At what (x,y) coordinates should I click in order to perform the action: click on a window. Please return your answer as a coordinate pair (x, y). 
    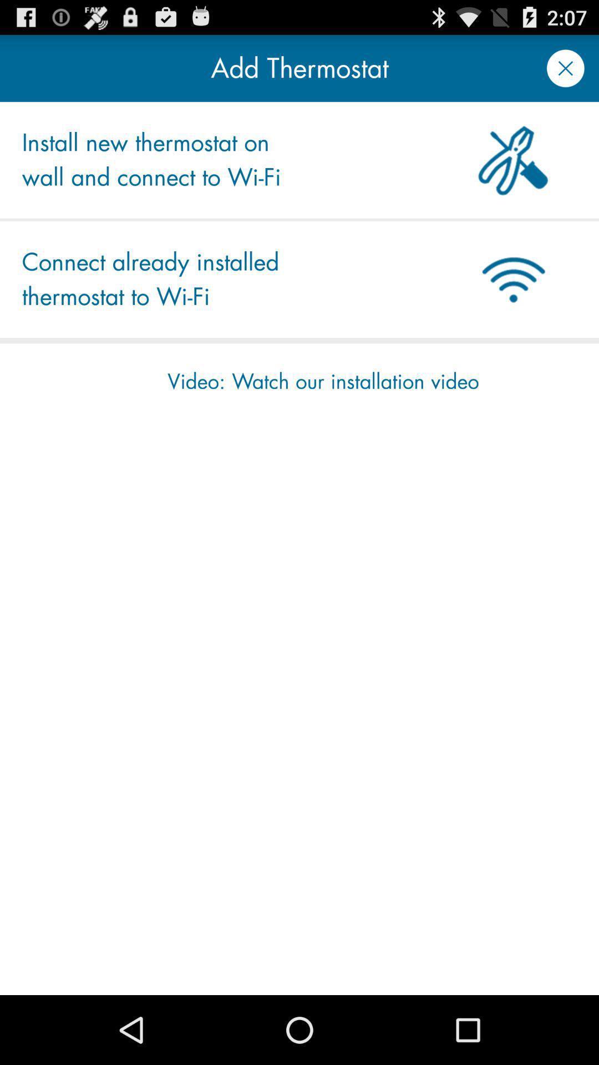
    Looking at the image, I should click on (565, 68).